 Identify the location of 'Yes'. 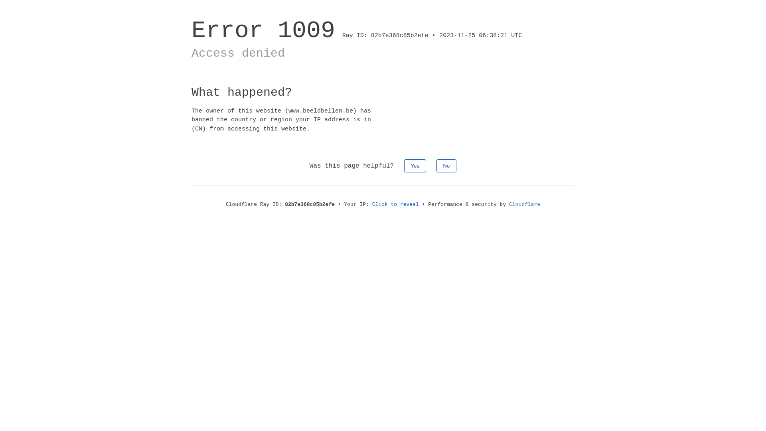
(415, 165).